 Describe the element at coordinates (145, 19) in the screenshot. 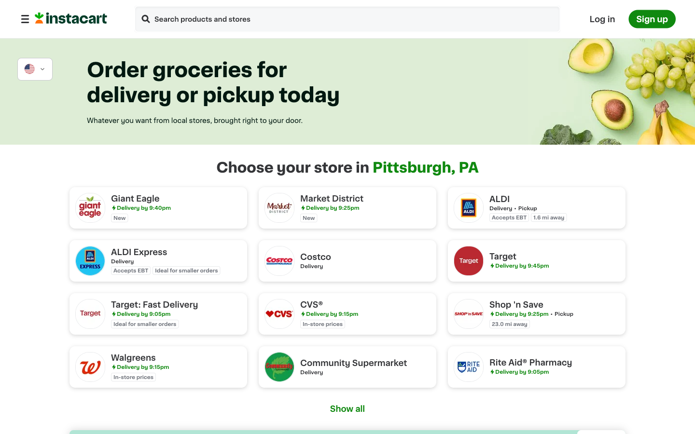

I see `Input "Table Lamp" into the search field and submit` at that location.